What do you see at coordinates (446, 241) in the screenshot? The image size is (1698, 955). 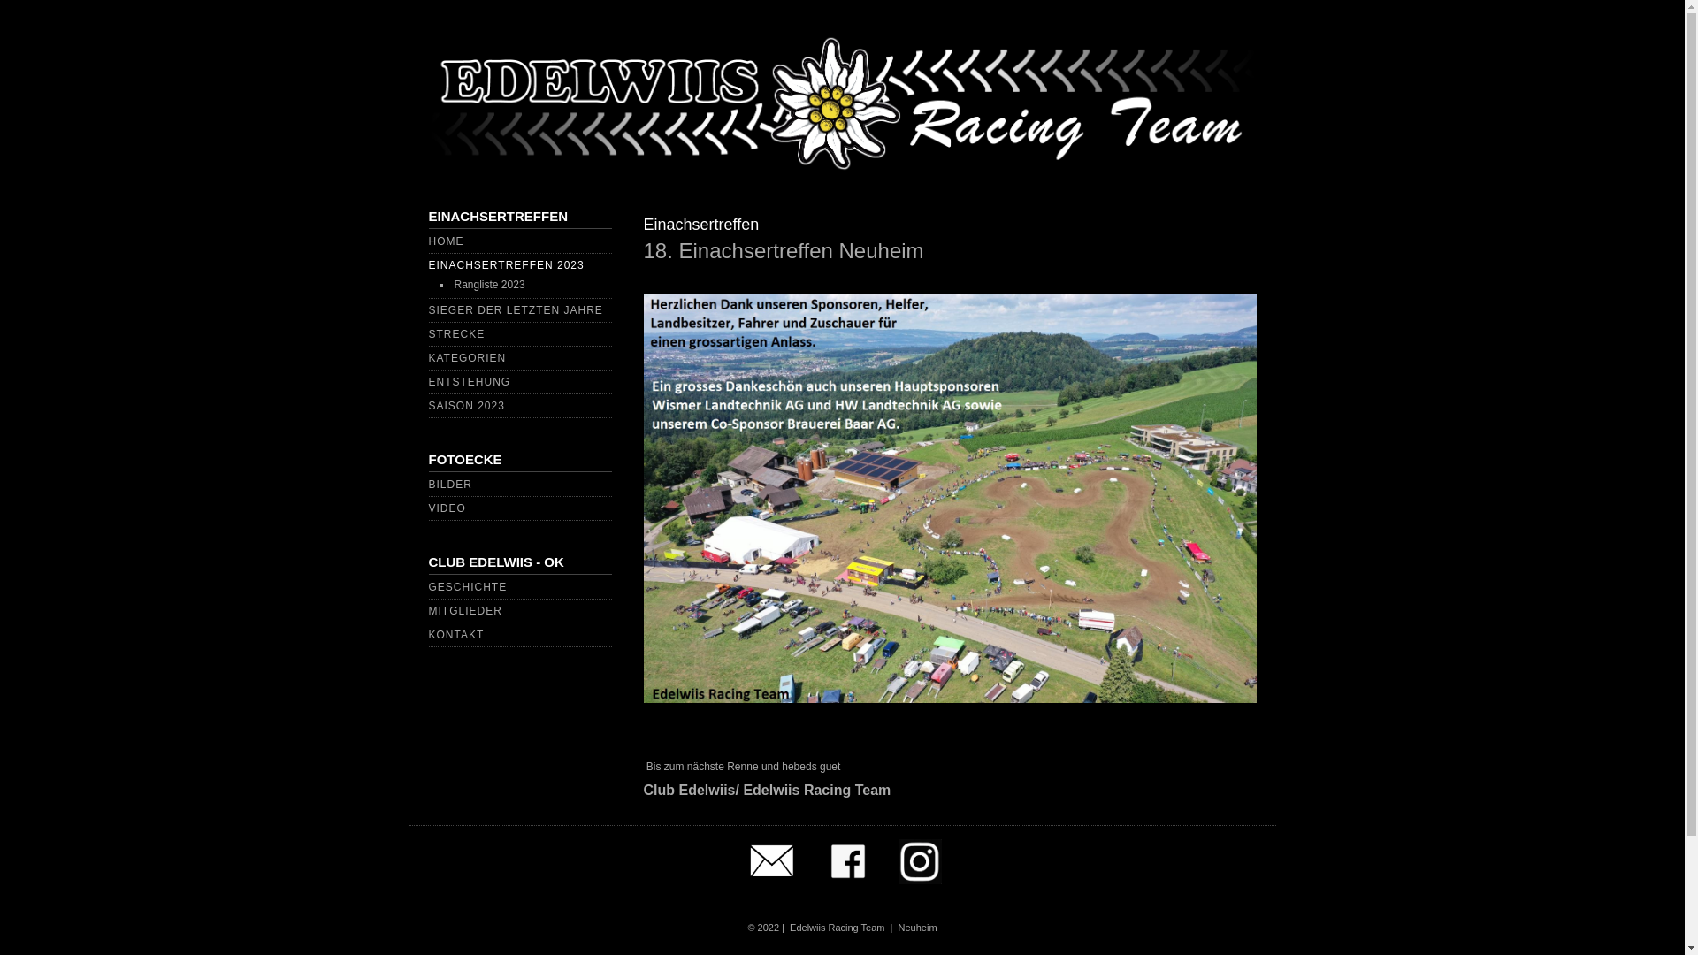 I see `'HOME'` at bounding box center [446, 241].